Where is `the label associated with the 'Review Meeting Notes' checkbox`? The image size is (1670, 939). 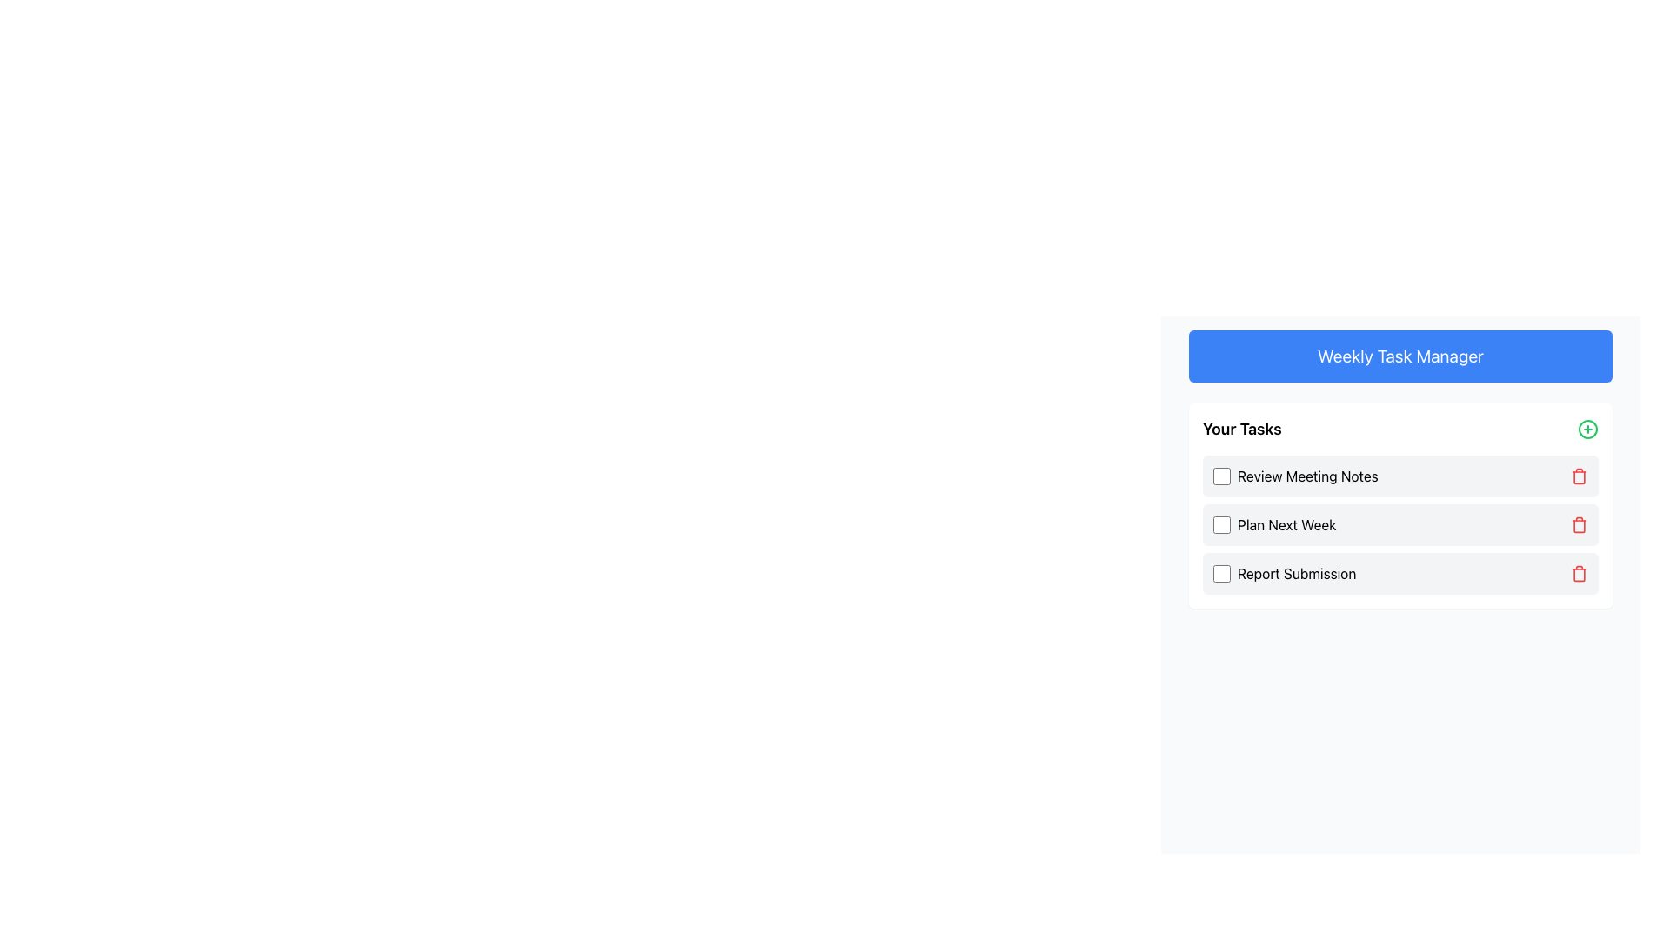
the label associated with the 'Review Meeting Notes' checkbox is located at coordinates (1295, 476).